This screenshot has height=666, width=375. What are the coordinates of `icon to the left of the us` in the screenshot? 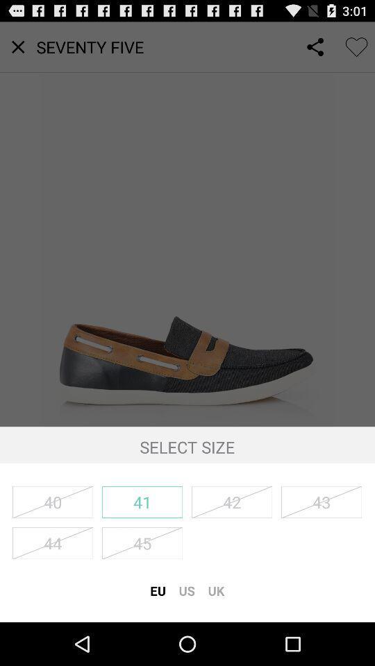 It's located at (157, 590).